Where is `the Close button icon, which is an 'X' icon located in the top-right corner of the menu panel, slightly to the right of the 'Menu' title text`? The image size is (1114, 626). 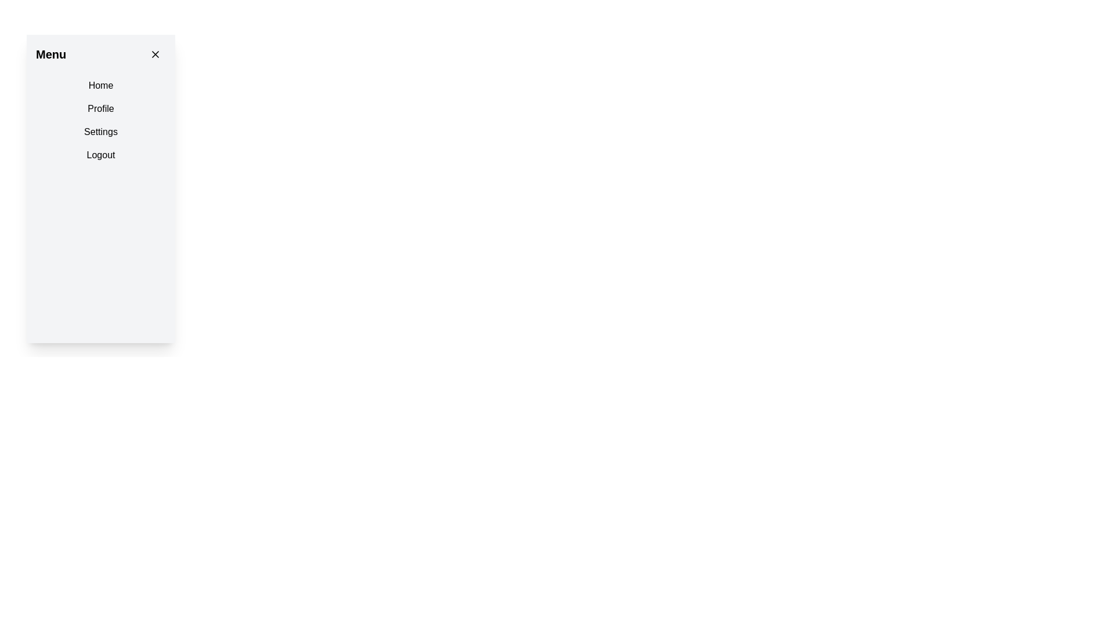
the Close button icon, which is an 'X' icon located in the top-right corner of the menu panel, slightly to the right of the 'Menu' title text is located at coordinates (155, 54).